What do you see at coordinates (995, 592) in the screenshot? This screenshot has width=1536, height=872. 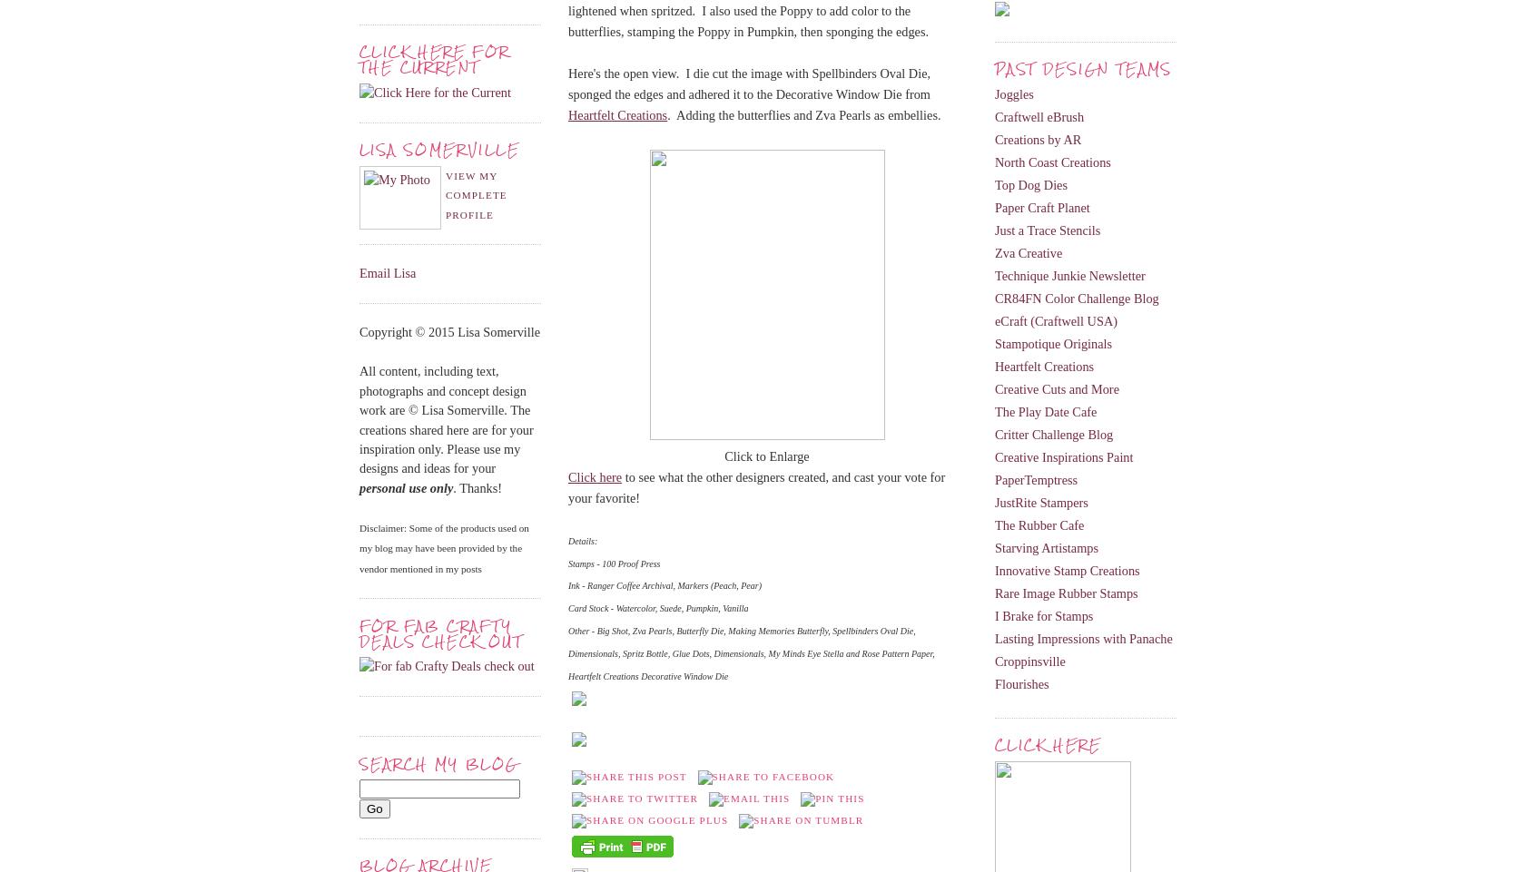 I see `'Rare Image Rubber Stamps'` at bounding box center [995, 592].